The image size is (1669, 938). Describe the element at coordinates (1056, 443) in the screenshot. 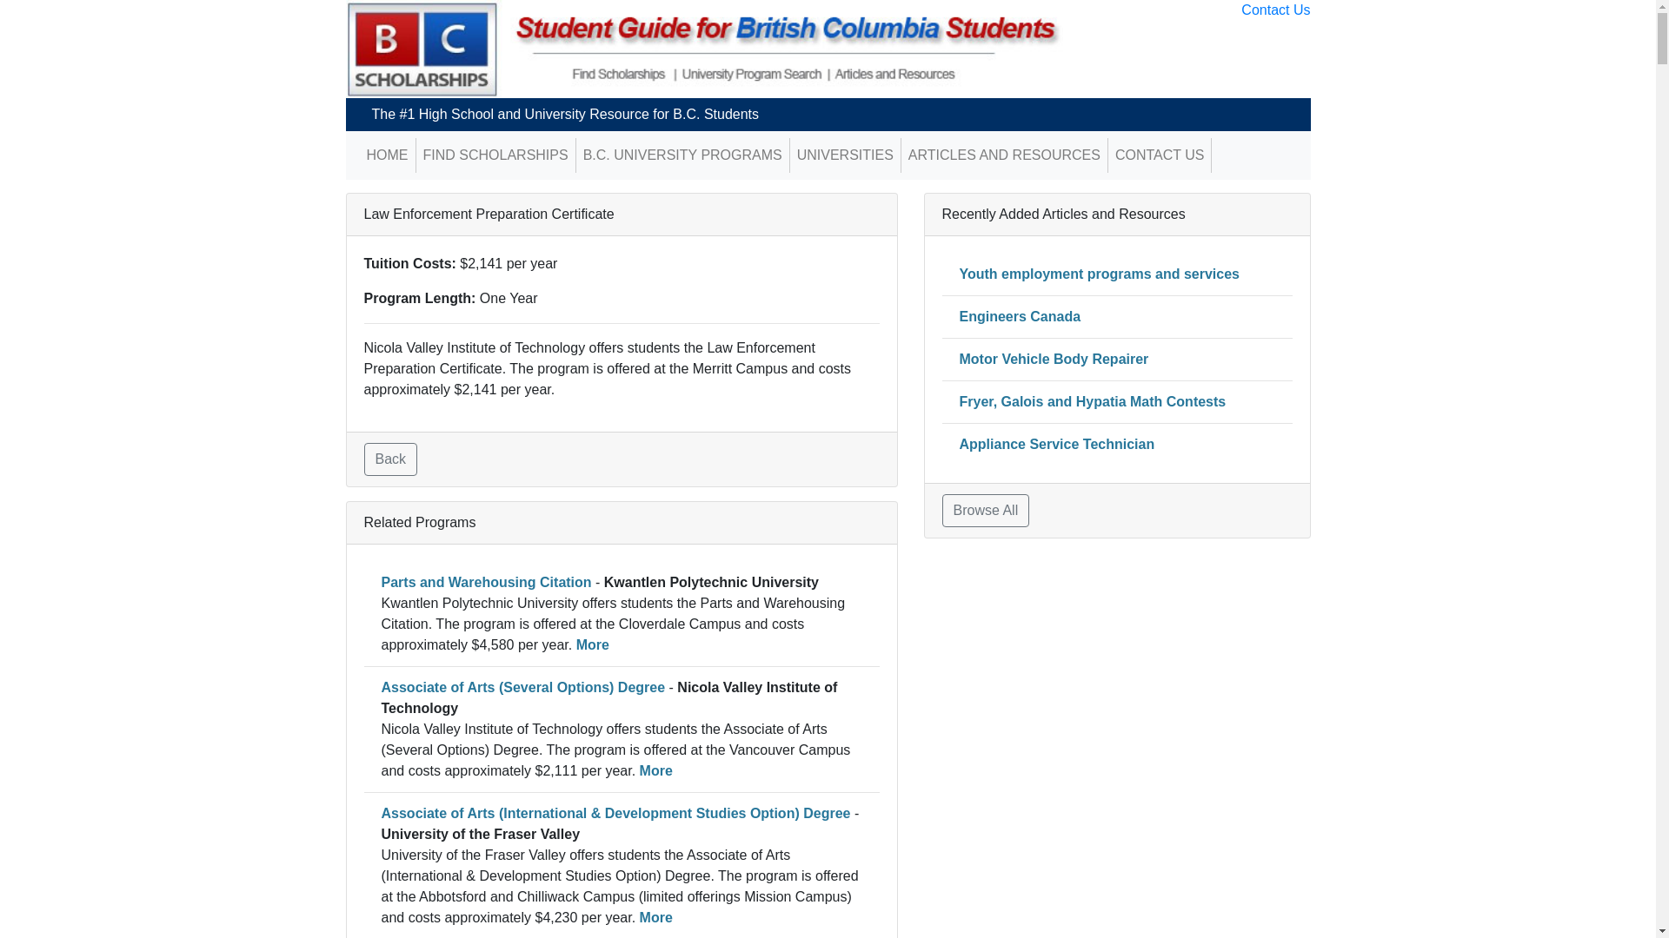

I see `'Appliance Service Technician'` at that location.